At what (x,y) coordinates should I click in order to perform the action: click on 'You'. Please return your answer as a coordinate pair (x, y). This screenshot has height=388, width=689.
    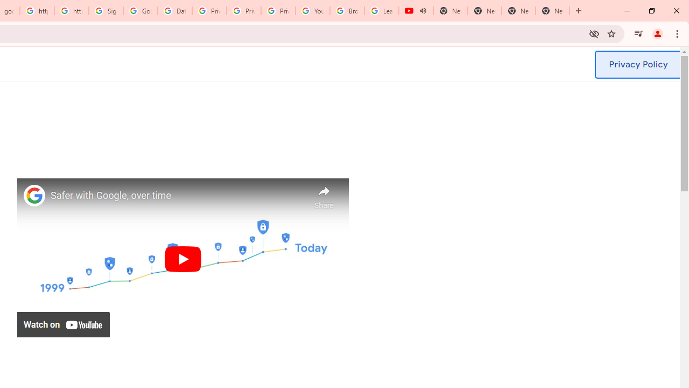
    Looking at the image, I should click on (657, 33).